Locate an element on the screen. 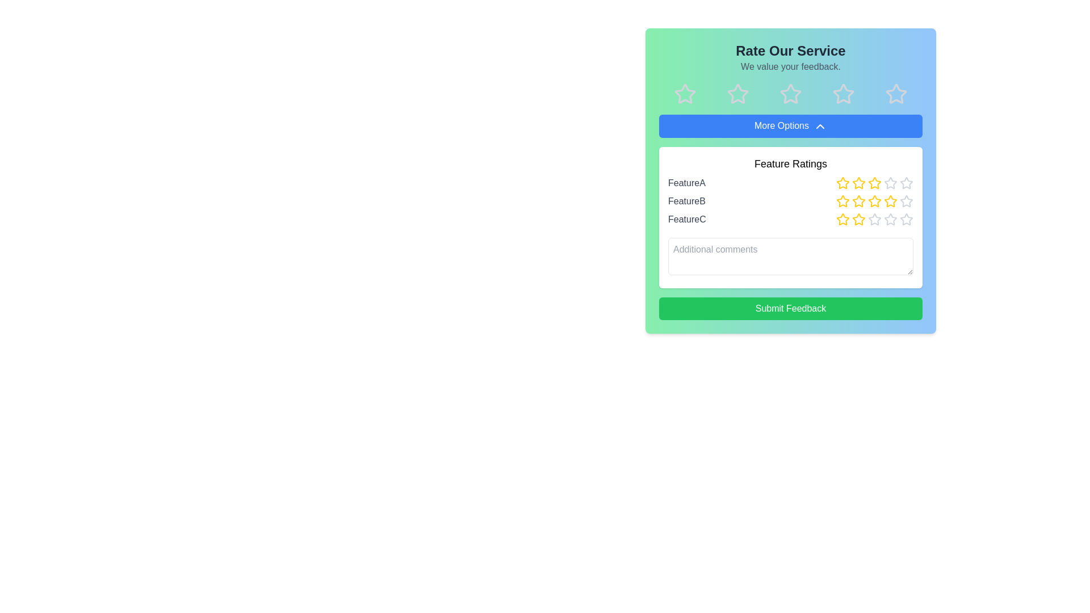 Image resolution: width=1090 pixels, height=613 pixels. the star icon in the Rating element located under the text 'We value your feedback' is located at coordinates (790, 93).